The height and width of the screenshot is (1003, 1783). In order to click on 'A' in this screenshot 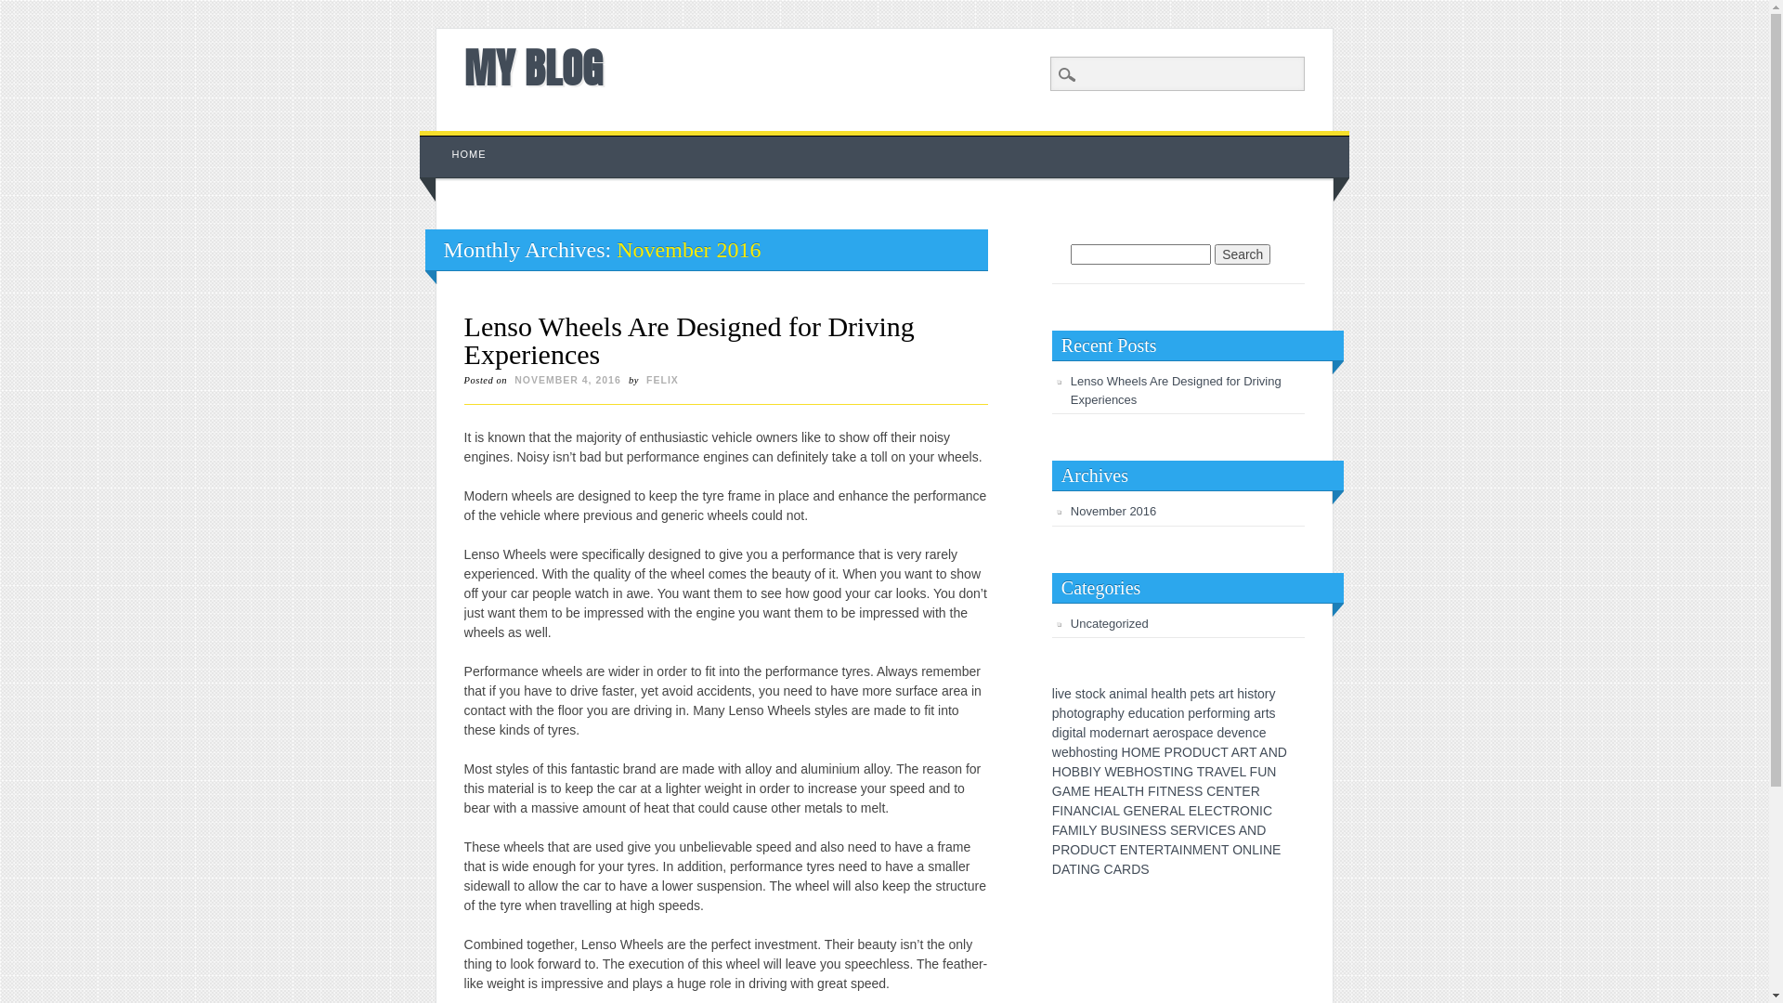, I will do `click(1263, 752)`.